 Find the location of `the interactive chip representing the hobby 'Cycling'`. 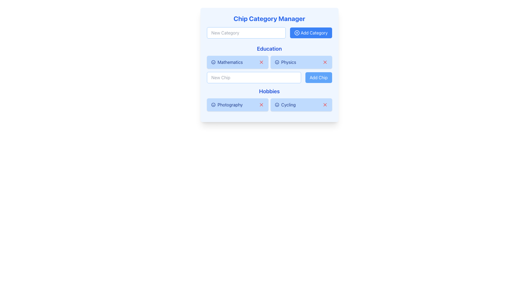

the interactive chip representing the hobby 'Cycling' is located at coordinates (301, 105).